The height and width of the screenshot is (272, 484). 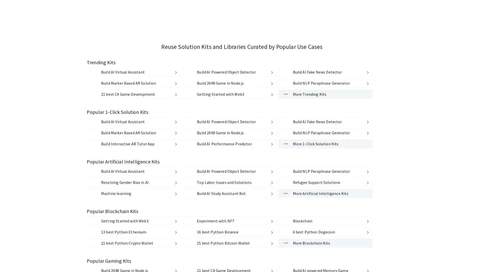 What do you see at coordinates (169, 248) in the screenshot?
I see `delete` at bounding box center [169, 248].